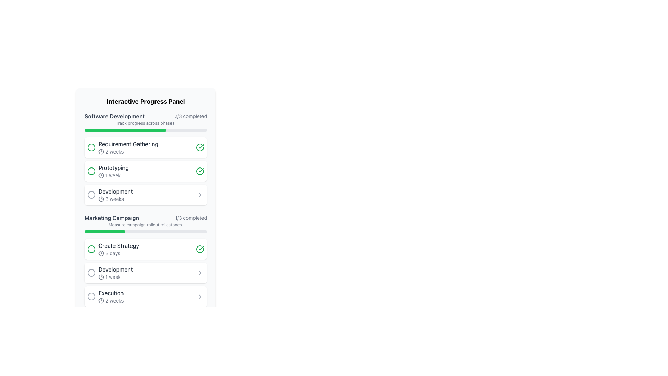 The height and width of the screenshot is (376, 668). I want to click on the 'Prototyping' text label, which is the second item in the 'Software Development' section, located between 'Requirement Gathering' and 'Development', so click(113, 168).